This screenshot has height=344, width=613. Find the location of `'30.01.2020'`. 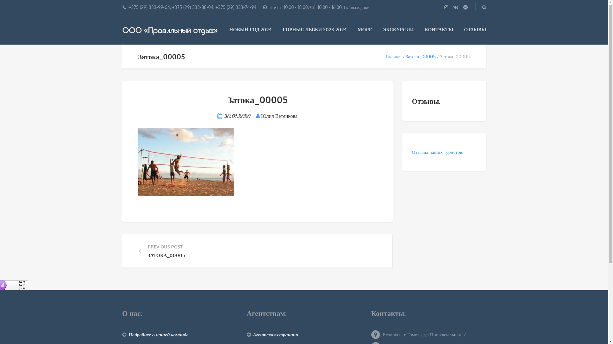

'30.01.2020' is located at coordinates (237, 116).